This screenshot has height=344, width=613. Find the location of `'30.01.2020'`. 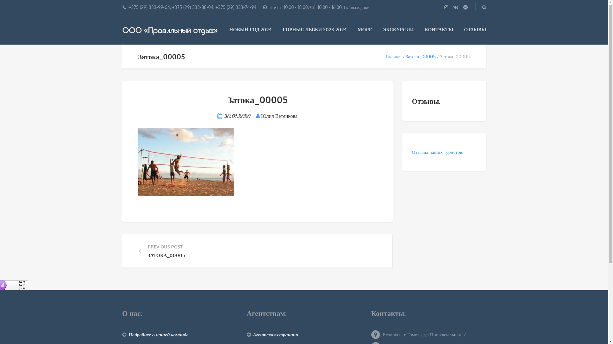

'30.01.2020' is located at coordinates (237, 116).